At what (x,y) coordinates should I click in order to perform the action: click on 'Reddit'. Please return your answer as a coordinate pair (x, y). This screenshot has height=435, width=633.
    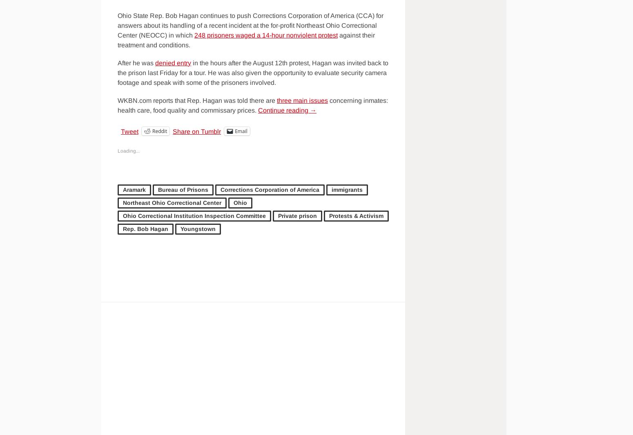
    Looking at the image, I should click on (152, 131).